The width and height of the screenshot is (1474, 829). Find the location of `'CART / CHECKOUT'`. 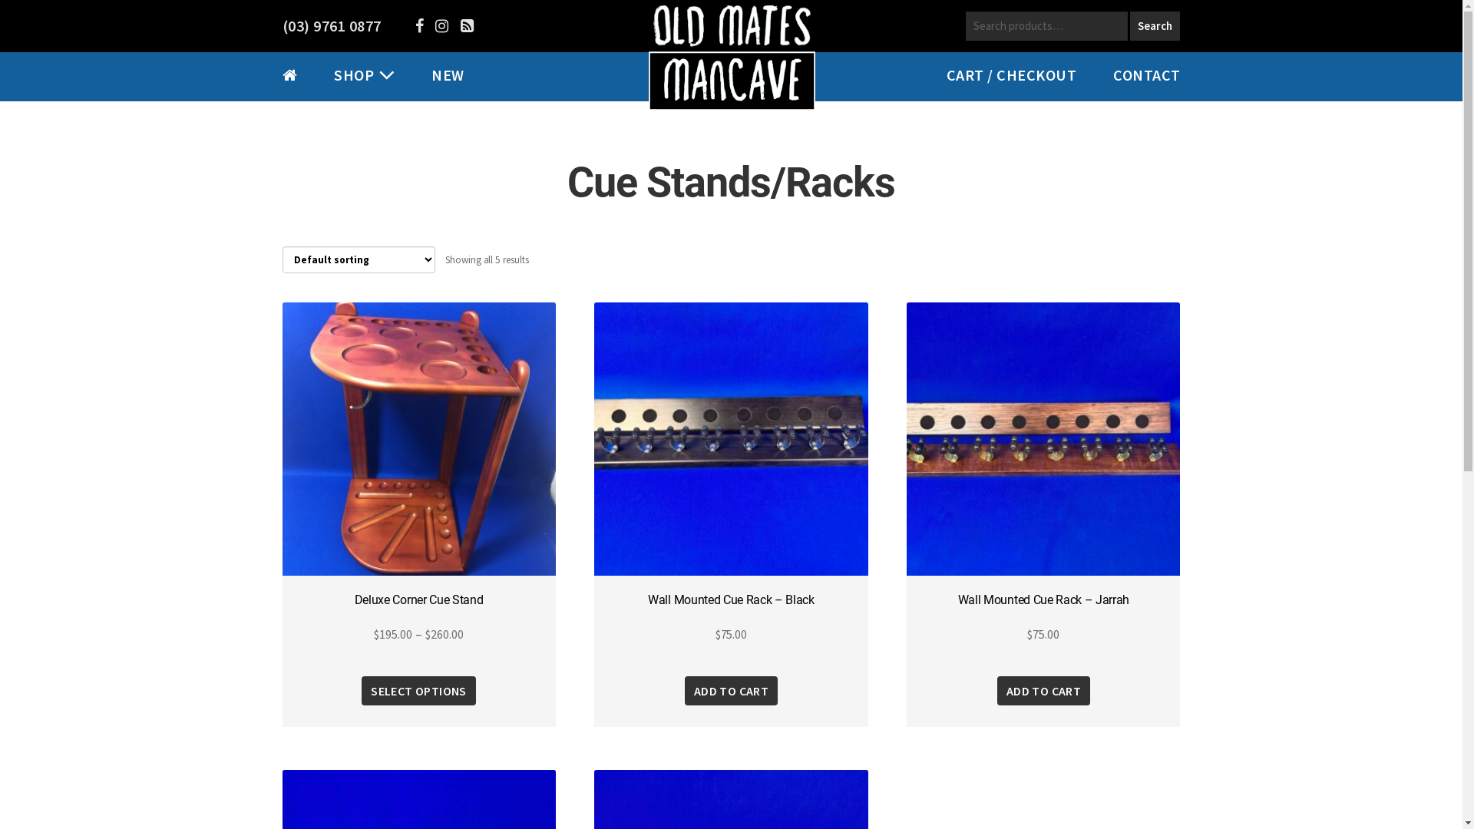

'CART / CHECKOUT' is located at coordinates (1010, 74).